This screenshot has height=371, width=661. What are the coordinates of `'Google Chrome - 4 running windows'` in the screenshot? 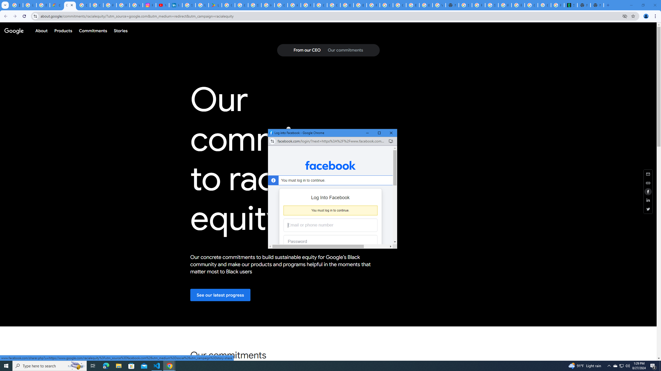 It's located at (169, 365).